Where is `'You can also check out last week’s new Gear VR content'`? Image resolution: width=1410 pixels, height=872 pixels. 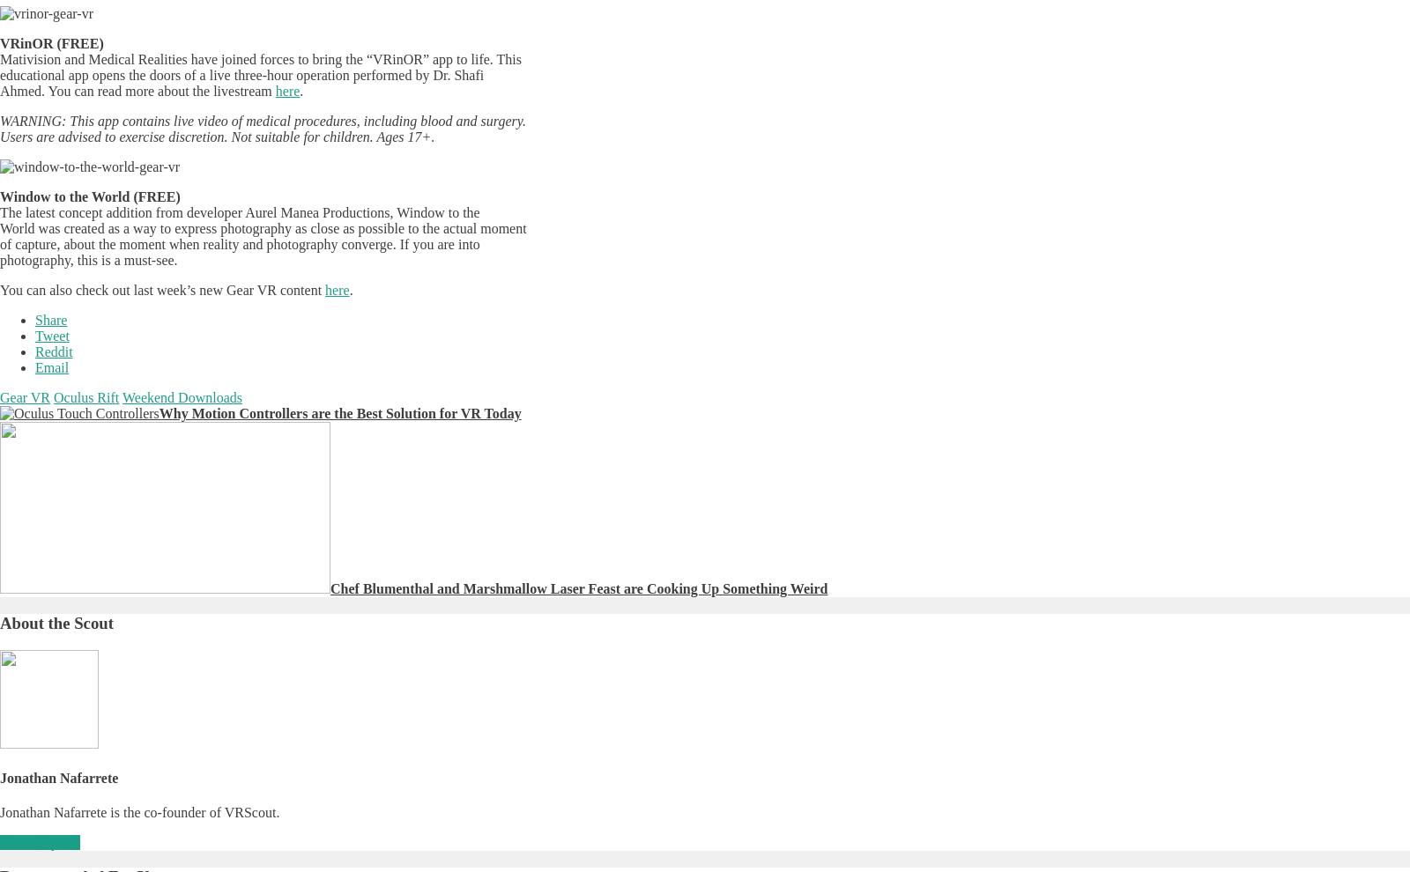 'You can also check out last week’s new Gear VR content' is located at coordinates (161, 289).